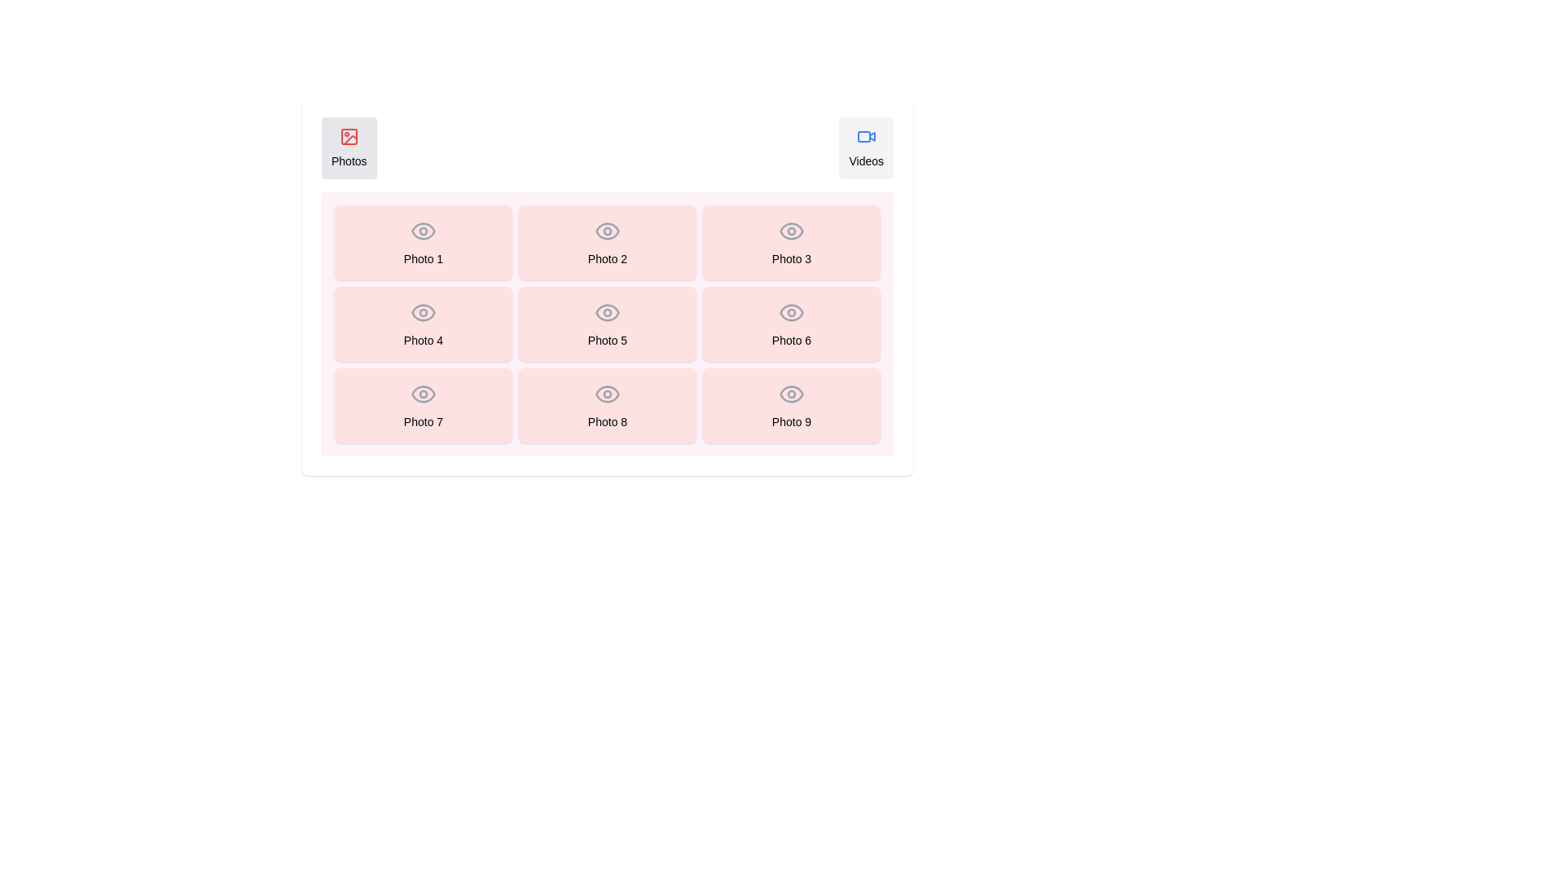  I want to click on the tab labeled Videos, so click(864, 147).